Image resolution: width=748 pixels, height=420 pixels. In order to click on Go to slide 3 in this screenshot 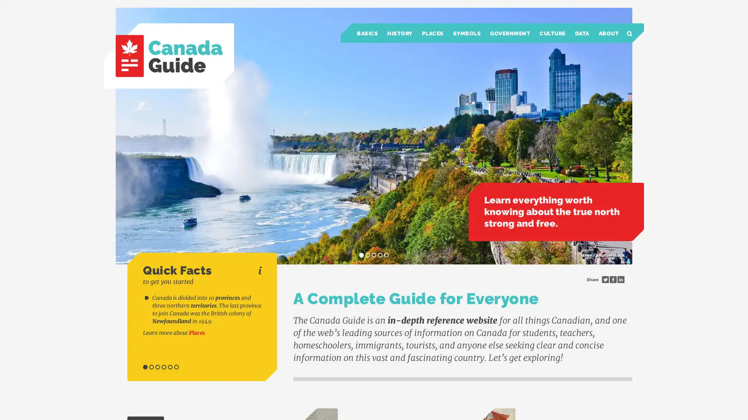, I will do `click(157, 367)`.